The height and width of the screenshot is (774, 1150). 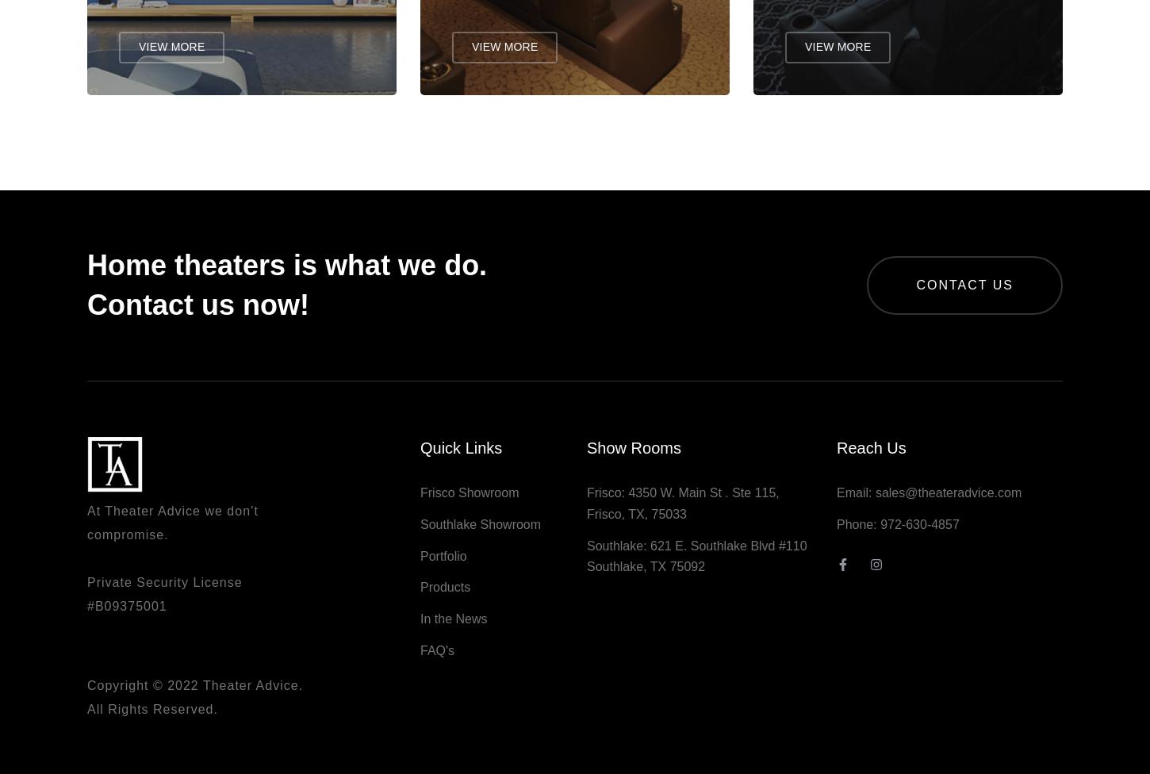 I want to click on 'Private Security License #B09375001', so click(x=163, y=602).